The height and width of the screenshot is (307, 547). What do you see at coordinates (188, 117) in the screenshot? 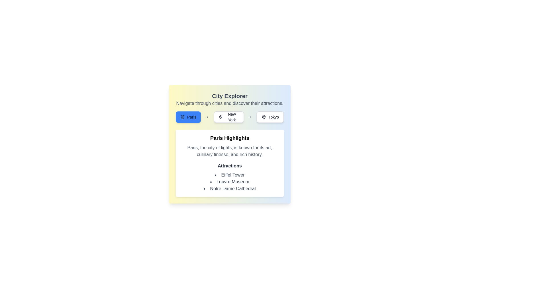
I see `the first button in the horizontally arranged list` at bounding box center [188, 117].